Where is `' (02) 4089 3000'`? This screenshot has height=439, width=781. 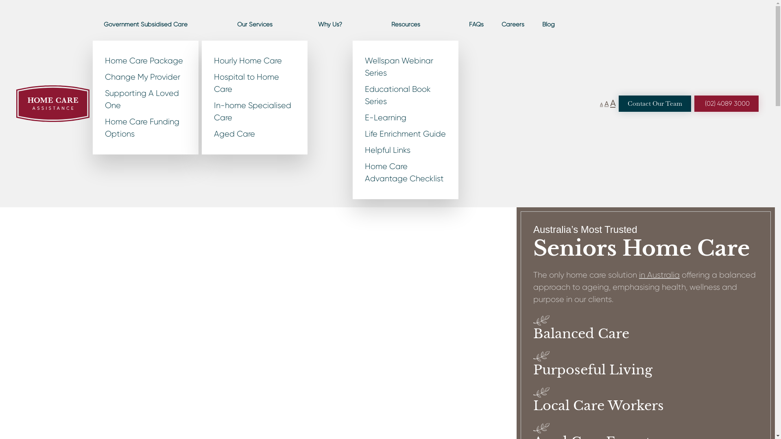
' (02) 4089 3000' is located at coordinates (726, 103).